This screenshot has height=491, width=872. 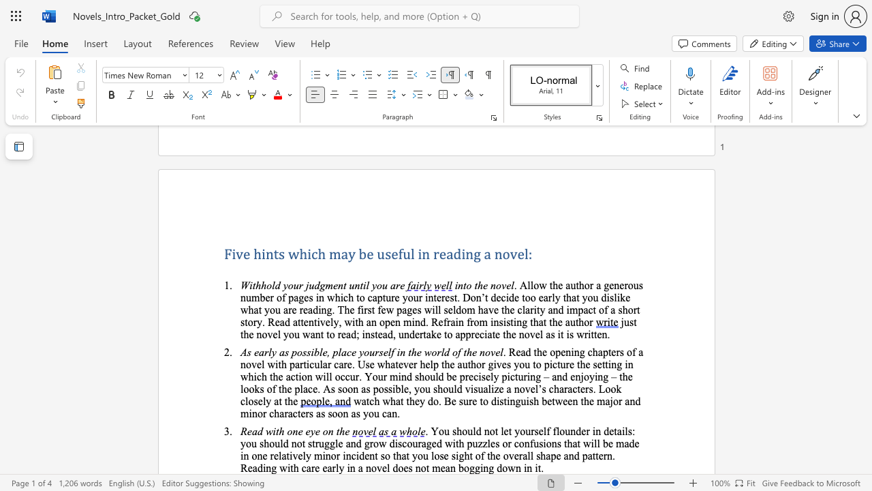 What do you see at coordinates (469, 467) in the screenshot?
I see `the subset text "gging dow" within the text "incident so that you lose sight of the overall shape and pattern. Reading with care early in a novel does not mean bogging down in it."` at bounding box center [469, 467].